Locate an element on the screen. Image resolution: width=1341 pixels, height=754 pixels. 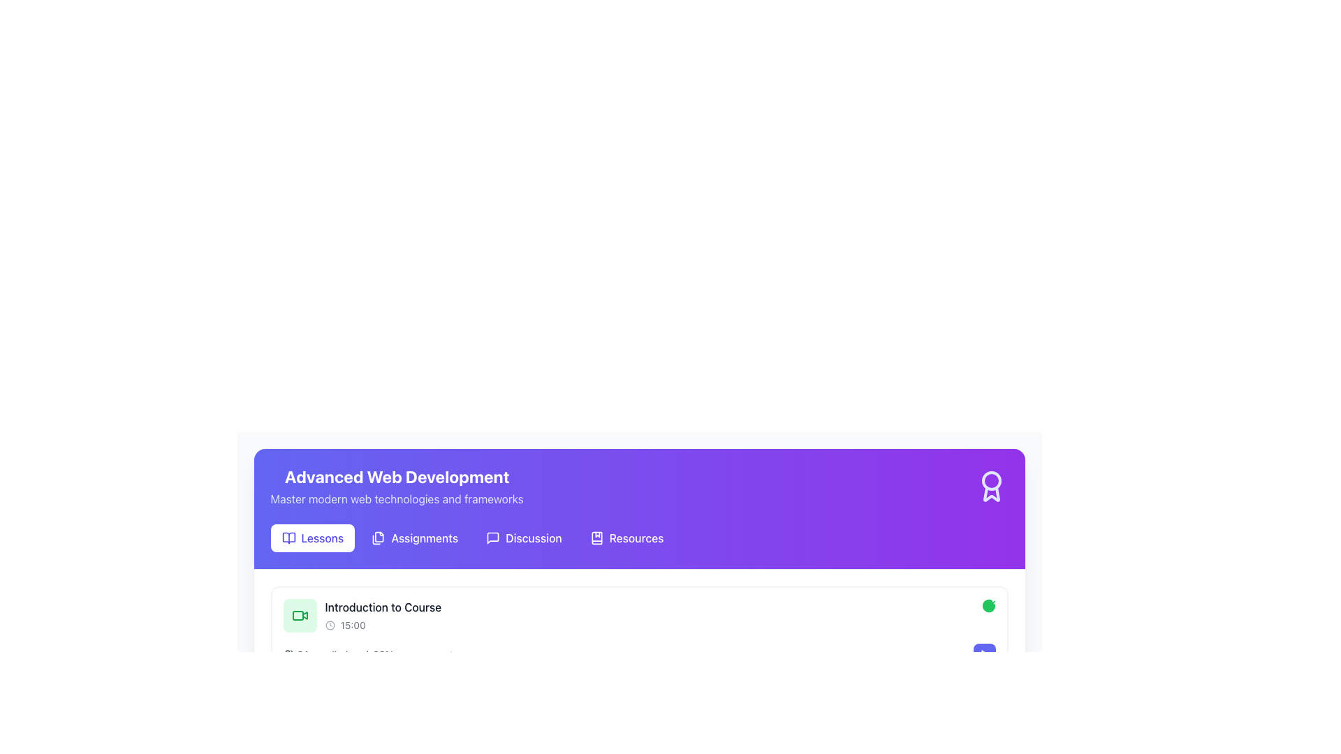
the 'Resources' tab in the Navigation bar located at the bottom of the 'Advanced Web Development' header section is located at coordinates (638, 538).